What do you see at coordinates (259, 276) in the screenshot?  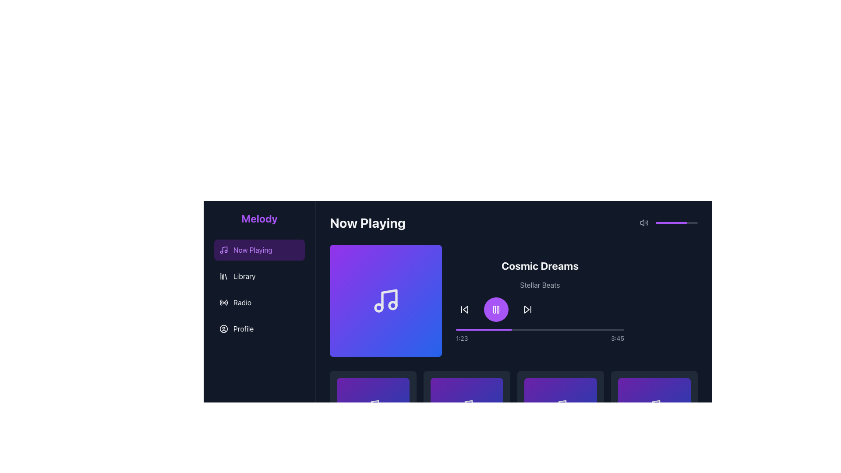 I see `the 'Library' button in the left sidebar navigation menu` at bounding box center [259, 276].